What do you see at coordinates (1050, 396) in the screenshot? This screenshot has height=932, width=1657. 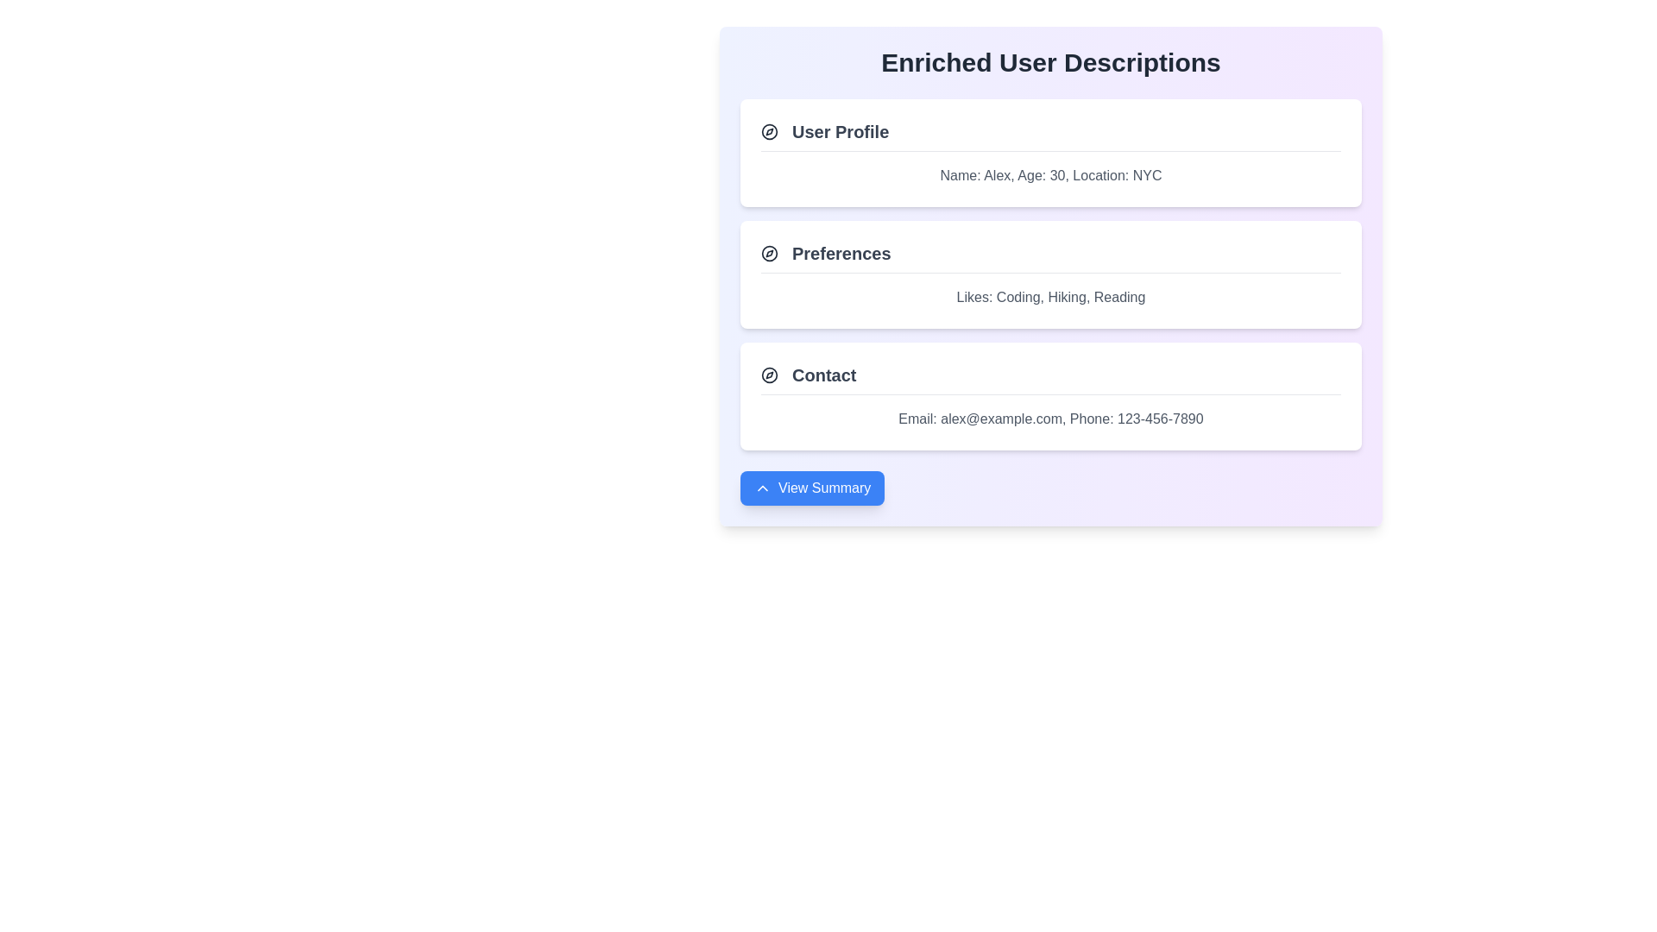 I see `compass icon contained within the 'Contact' card, which is the third card in a vertical arrangement displaying user information` at bounding box center [1050, 396].